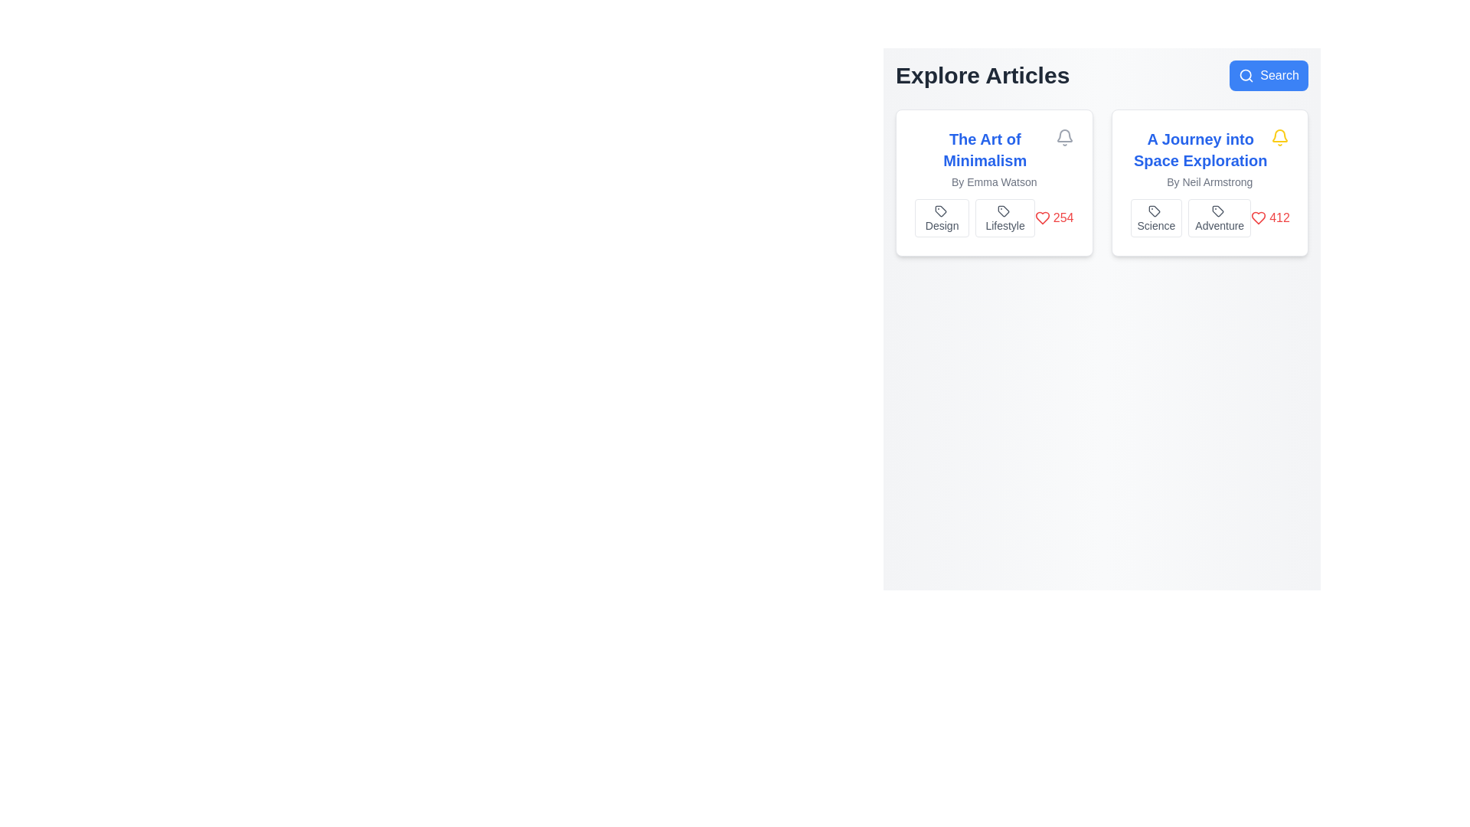 The image size is (1470, 827). Describe the element at coordinates (939, 211) in the screenshot. I see `the icon resembling a label or tag located at the top-left corner of the 'Design' label in the article card under 'Explore Articles'` at that location.